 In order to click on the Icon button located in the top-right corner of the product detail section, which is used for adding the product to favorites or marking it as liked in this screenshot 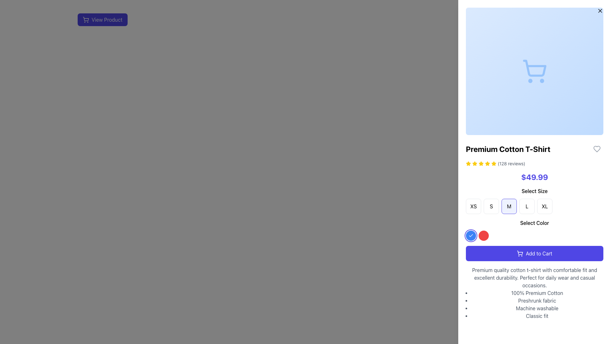, I will do `click(597, 149)`.